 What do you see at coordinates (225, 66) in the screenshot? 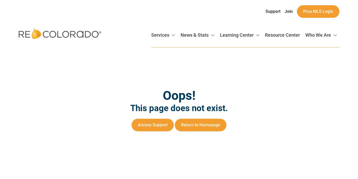
I see `'Registration'` at bounding box center [225, 66].